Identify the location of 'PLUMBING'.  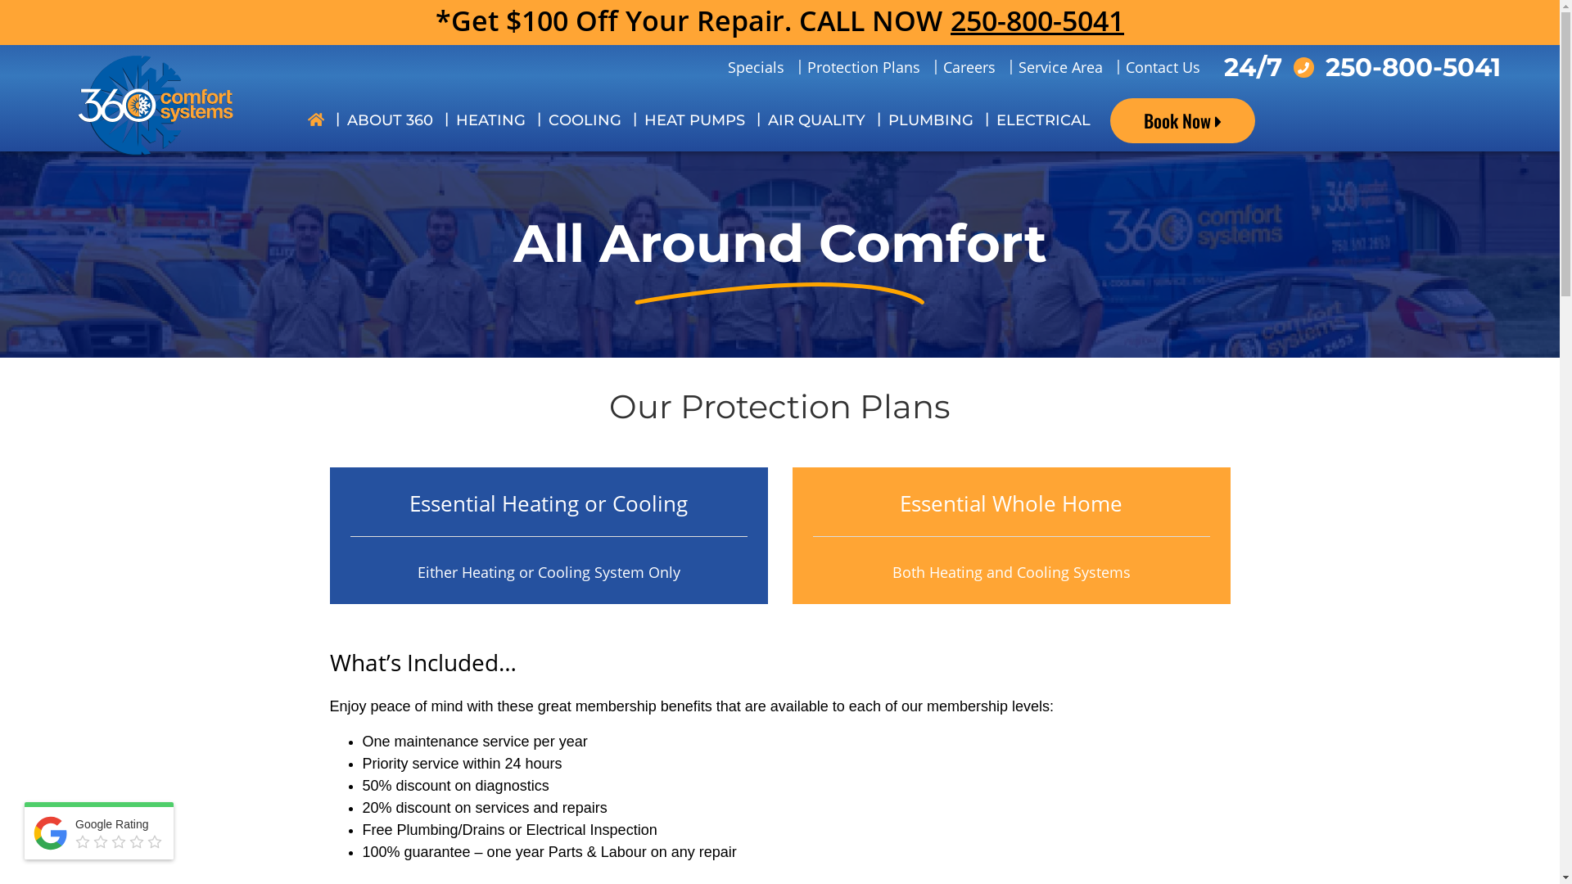
(931, 120).